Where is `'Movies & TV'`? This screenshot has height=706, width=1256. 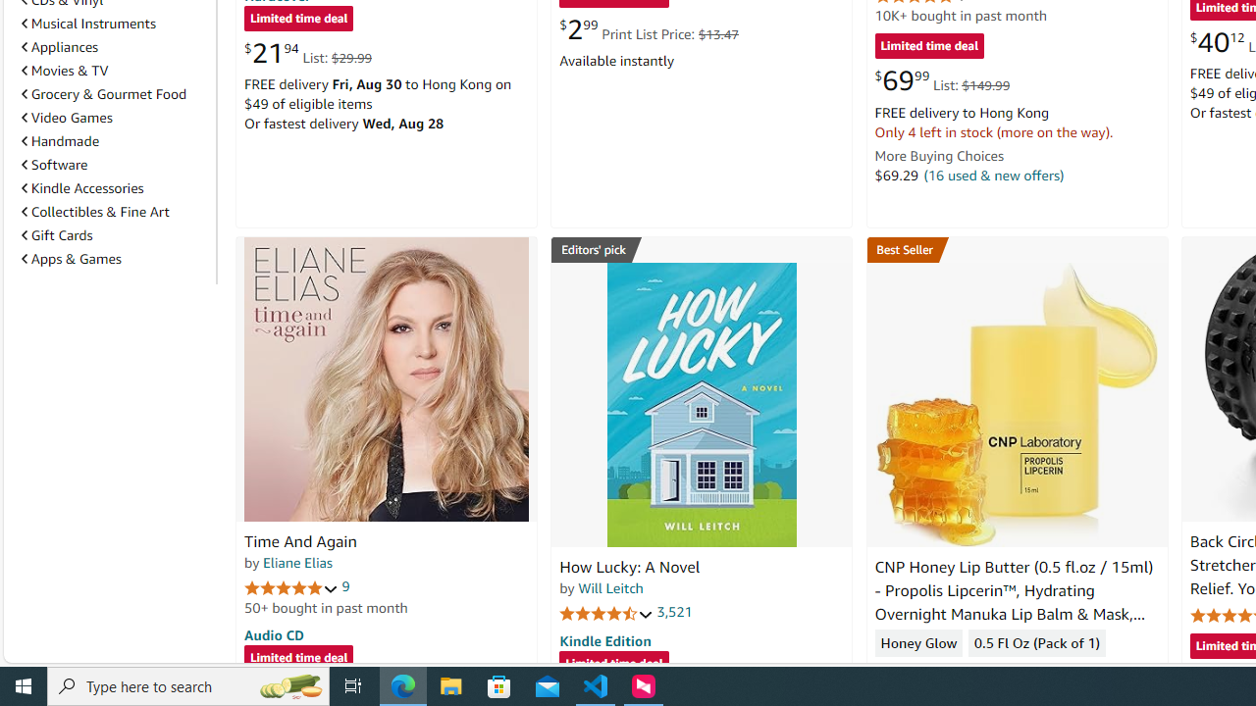
'Movies & TV' is located at coordinates (65, 70).